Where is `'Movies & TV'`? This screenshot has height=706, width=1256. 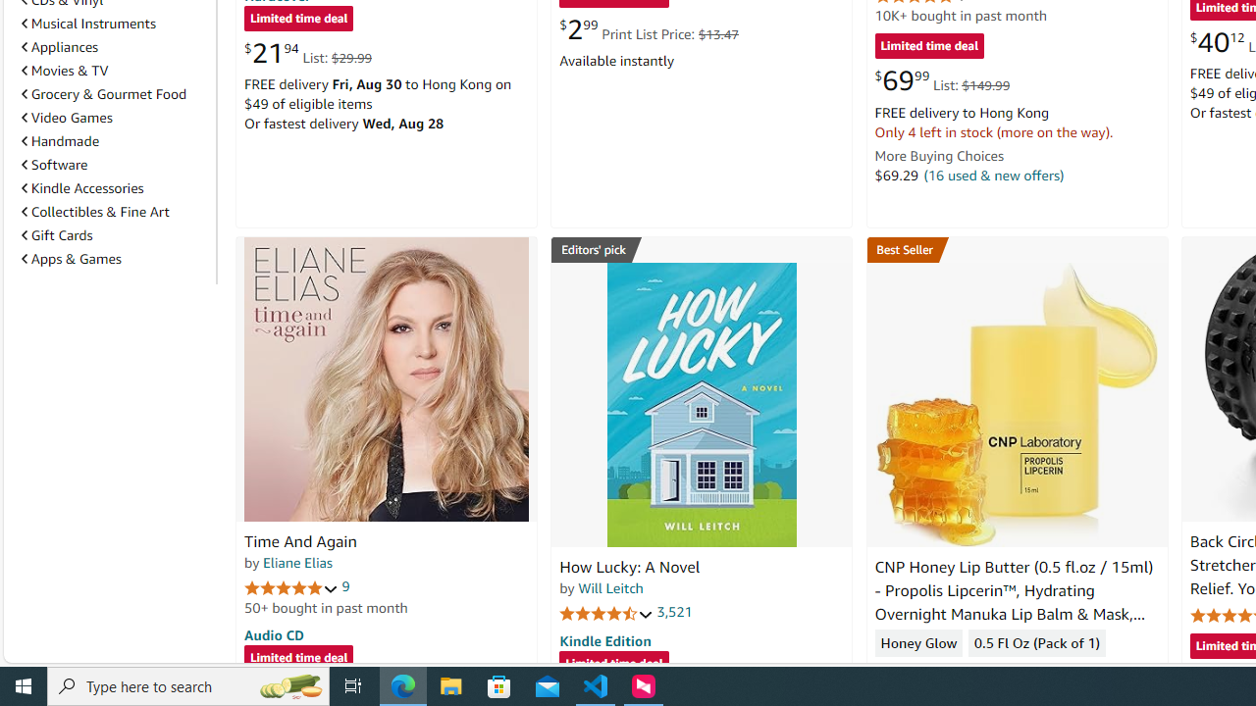
'Movies & TV' is located at coordinates (65, 70).